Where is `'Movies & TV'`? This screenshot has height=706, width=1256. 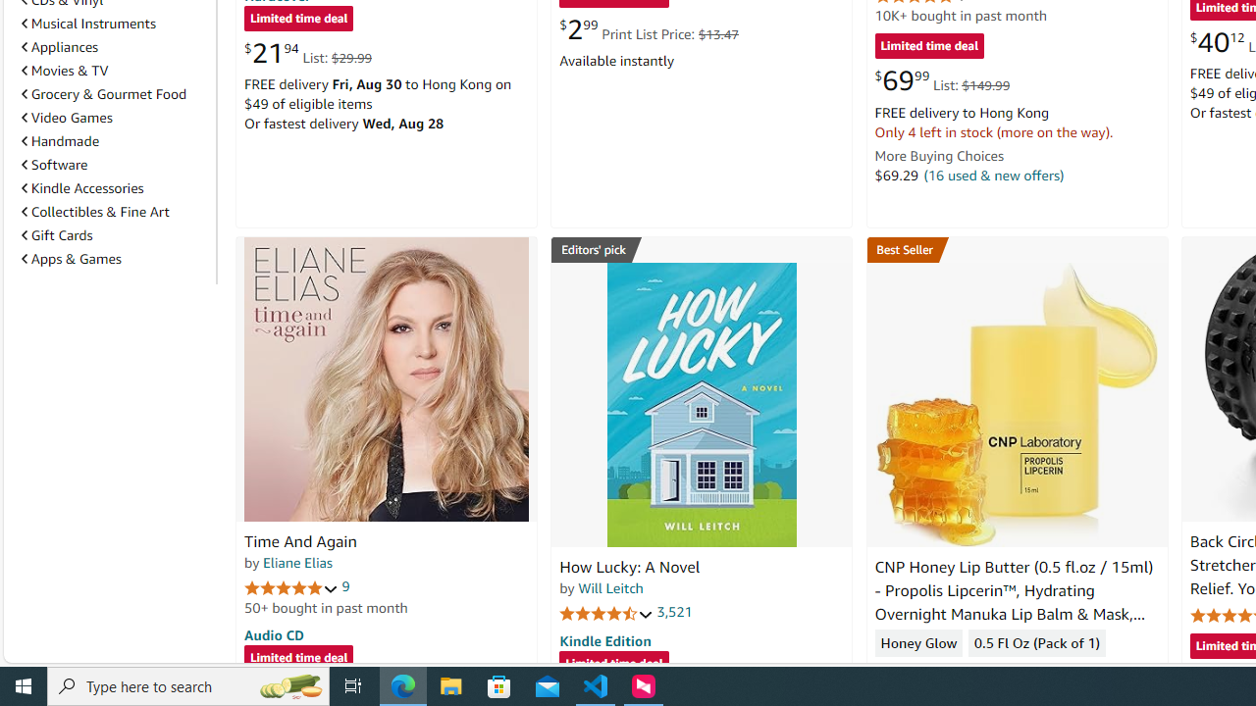
'Movies & TV' is located at coordinates (65, 70).